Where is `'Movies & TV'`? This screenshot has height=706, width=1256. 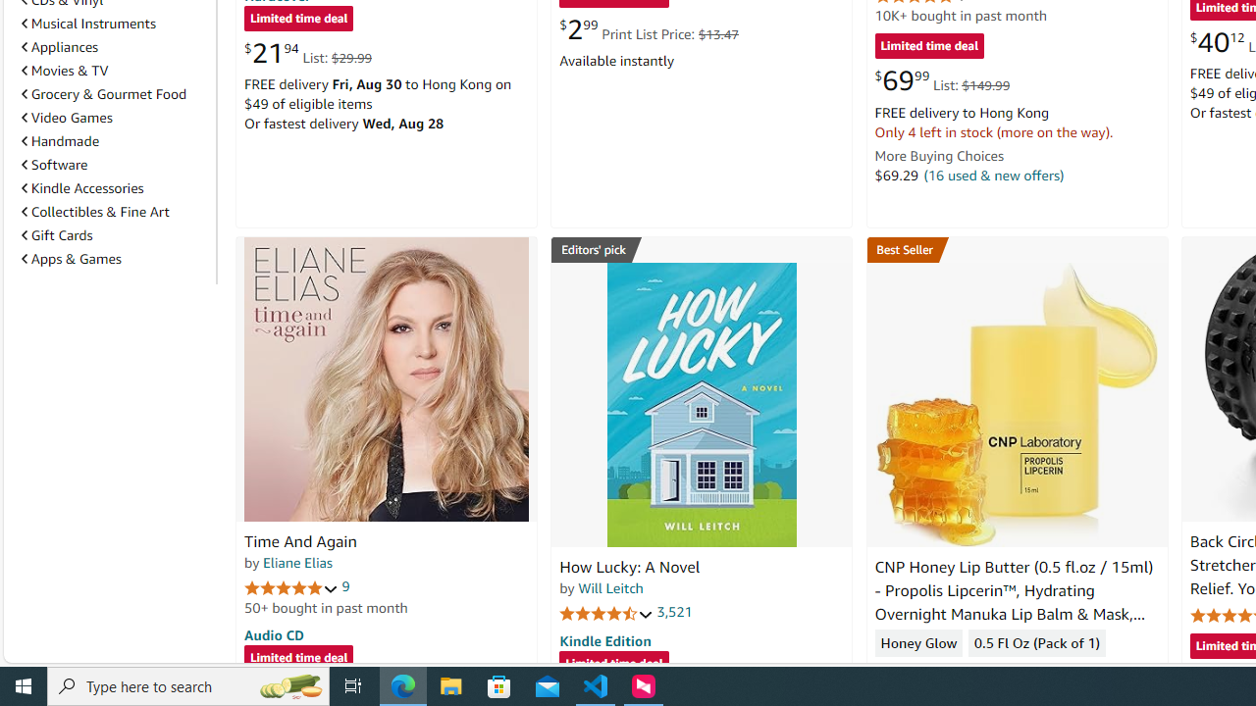
'Movies & TV' is located at coordinates (65, 70).